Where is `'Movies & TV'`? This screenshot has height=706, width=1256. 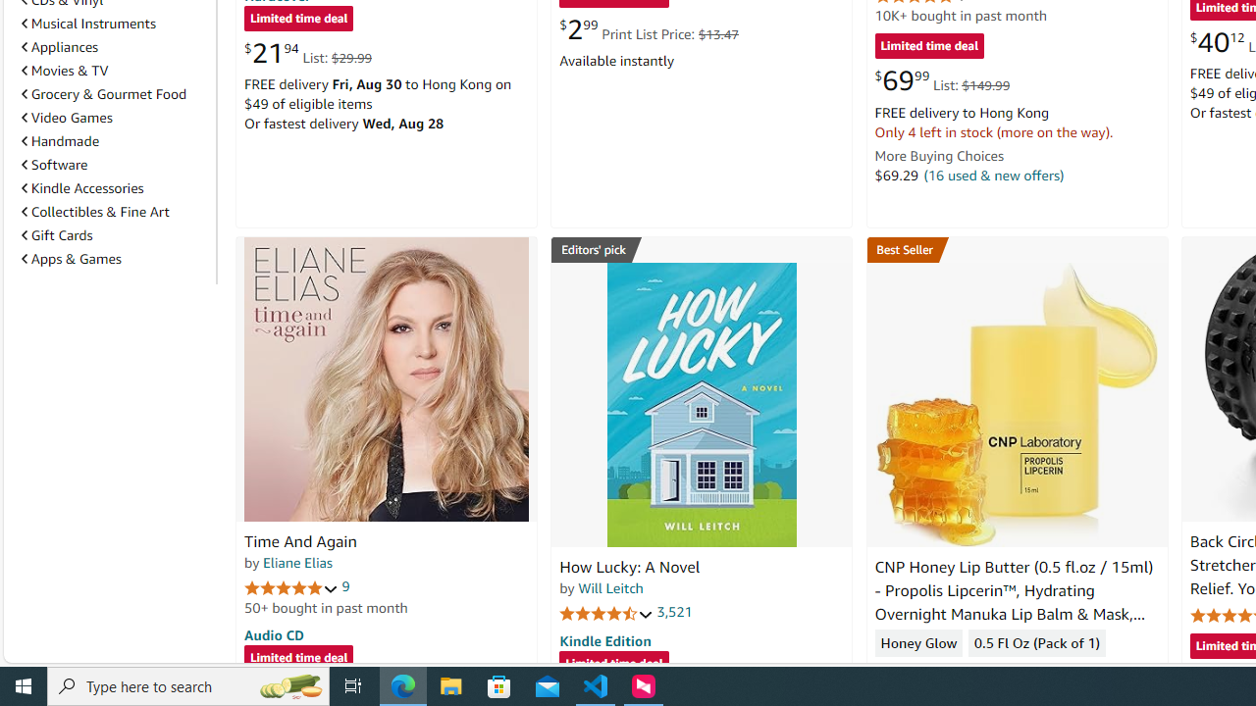
'Movies & TV' is located at coordinates (65, 70).